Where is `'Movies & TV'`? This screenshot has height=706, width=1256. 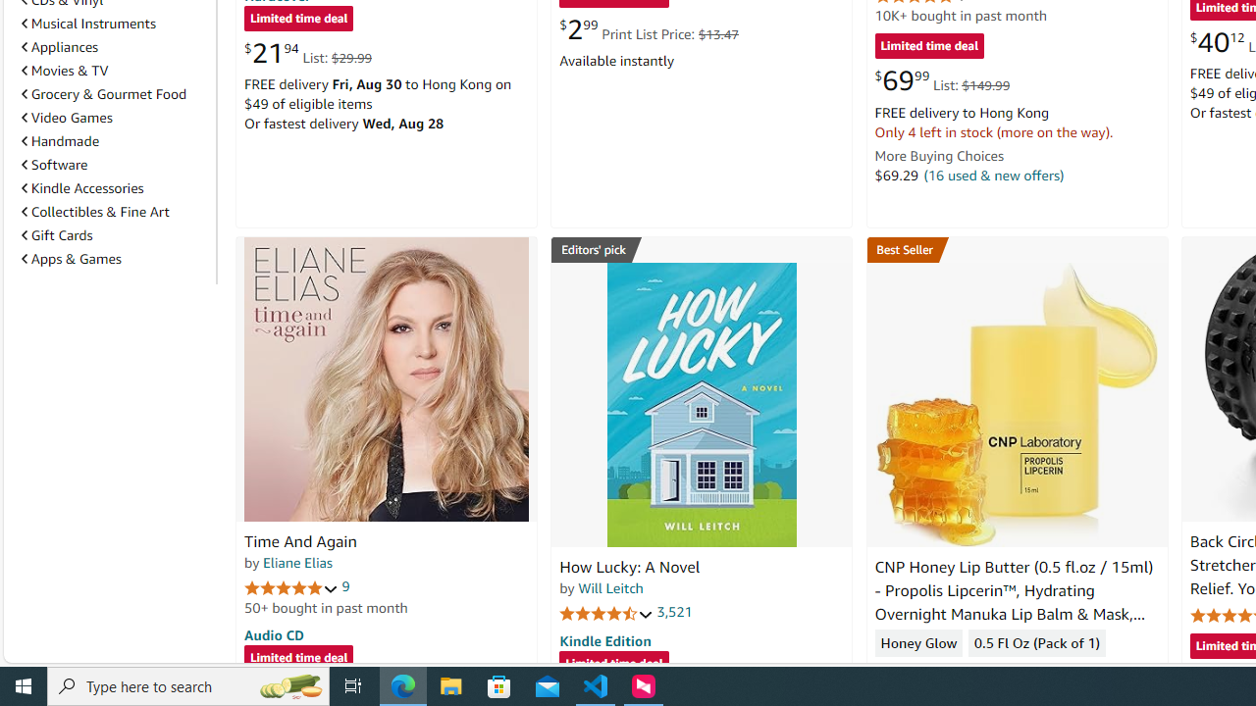
'Movies & TV' is located at coordinates (65, 70).